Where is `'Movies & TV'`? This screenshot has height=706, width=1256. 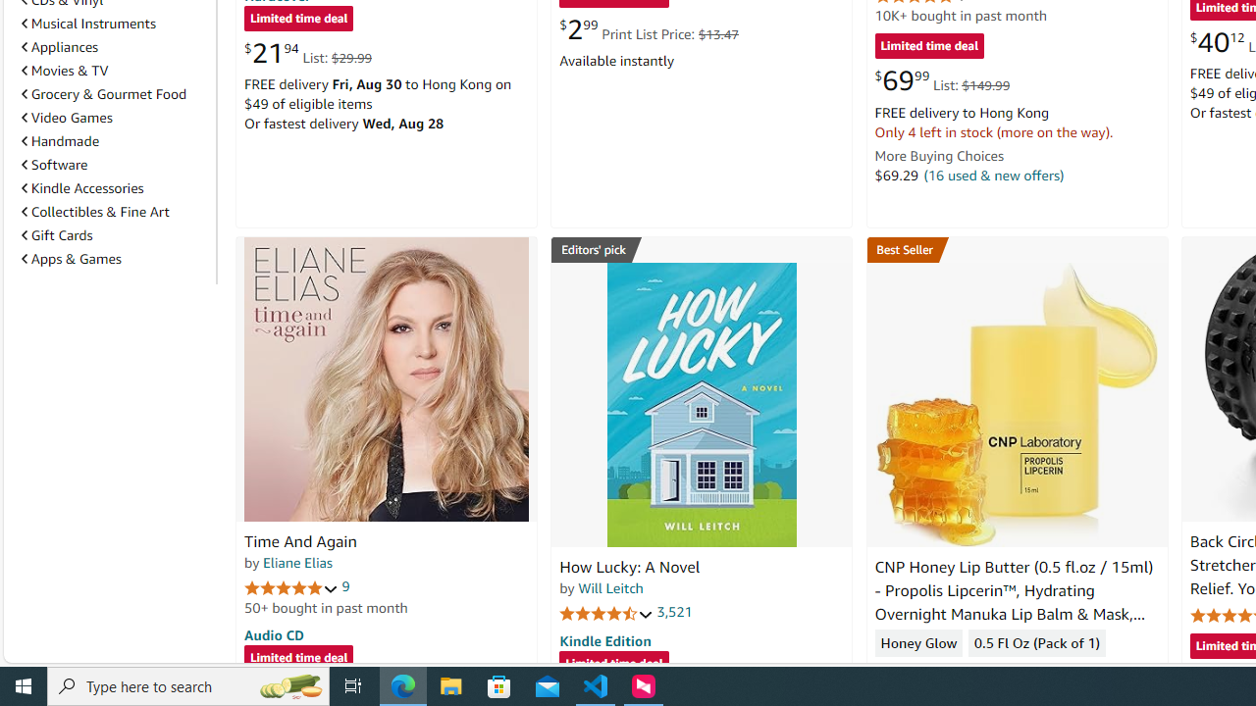
'Movies & TV' is located at coordinates (65, 70).